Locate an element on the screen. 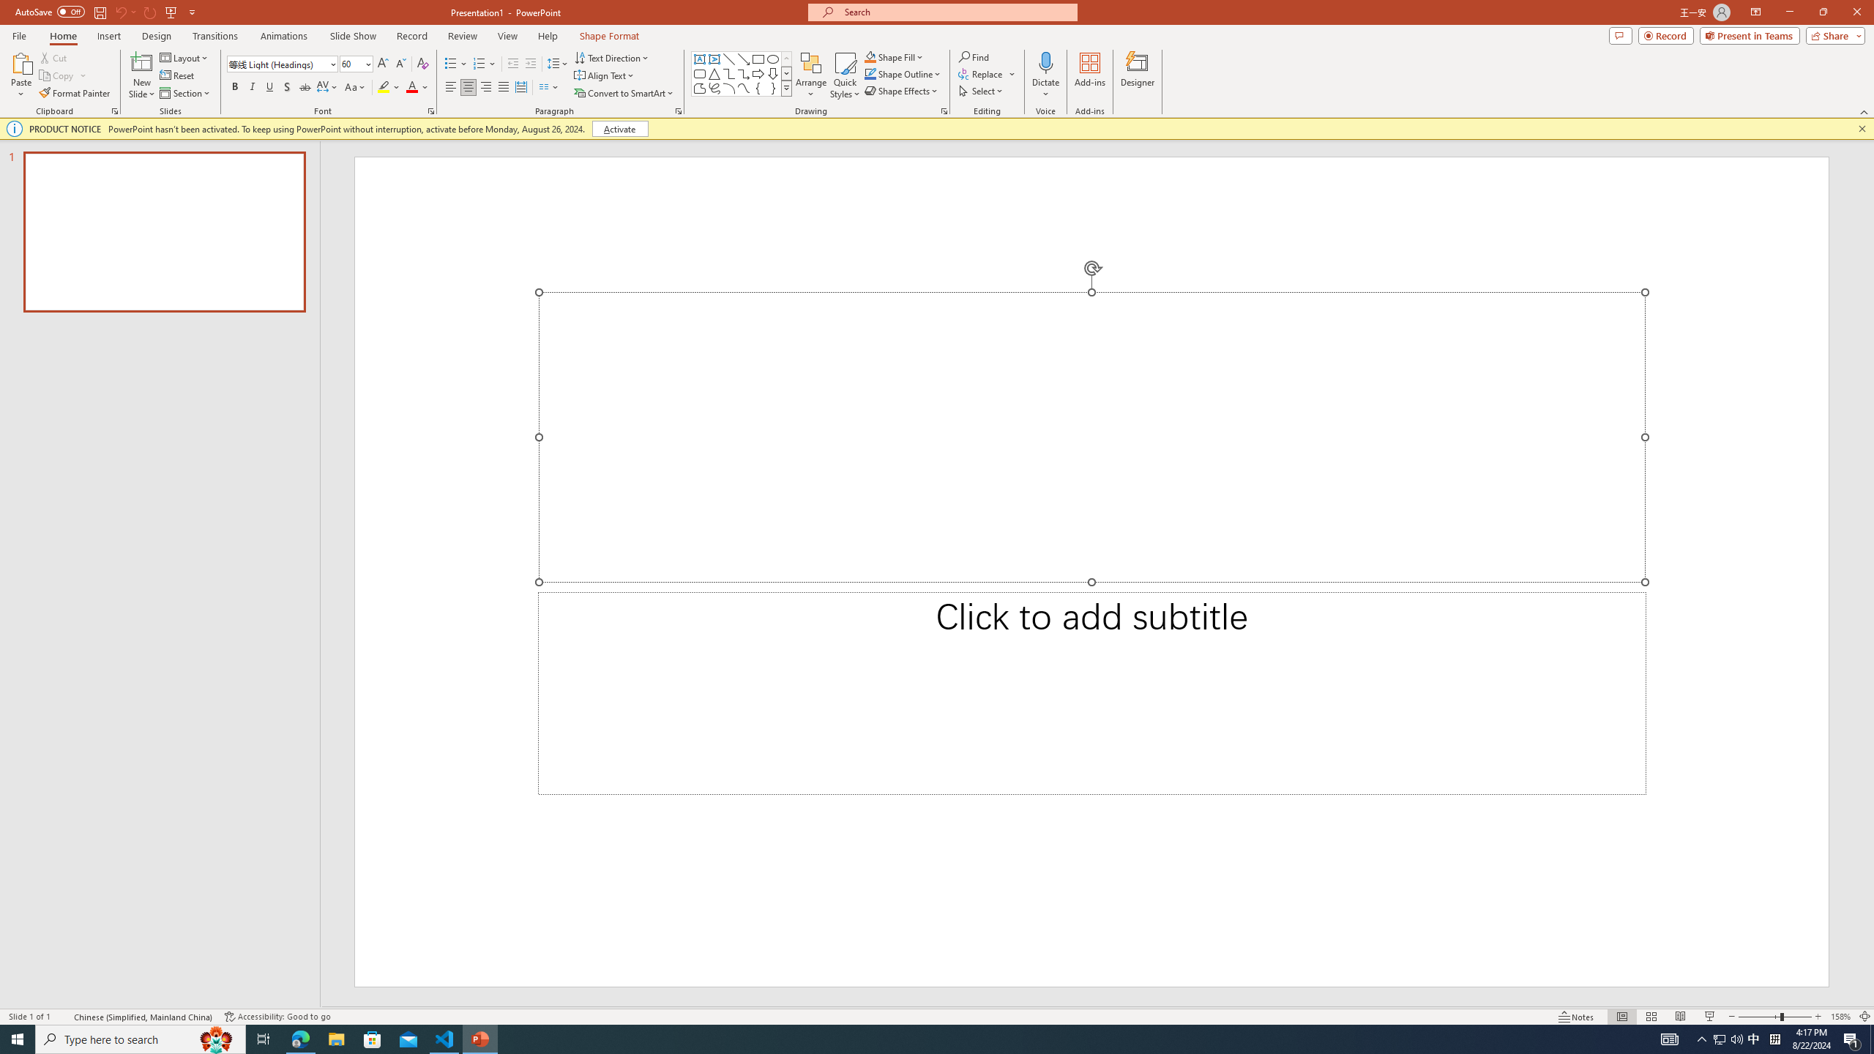 The image size is (1874, 1054). 'Cut' is located at coordinates (53, 57).